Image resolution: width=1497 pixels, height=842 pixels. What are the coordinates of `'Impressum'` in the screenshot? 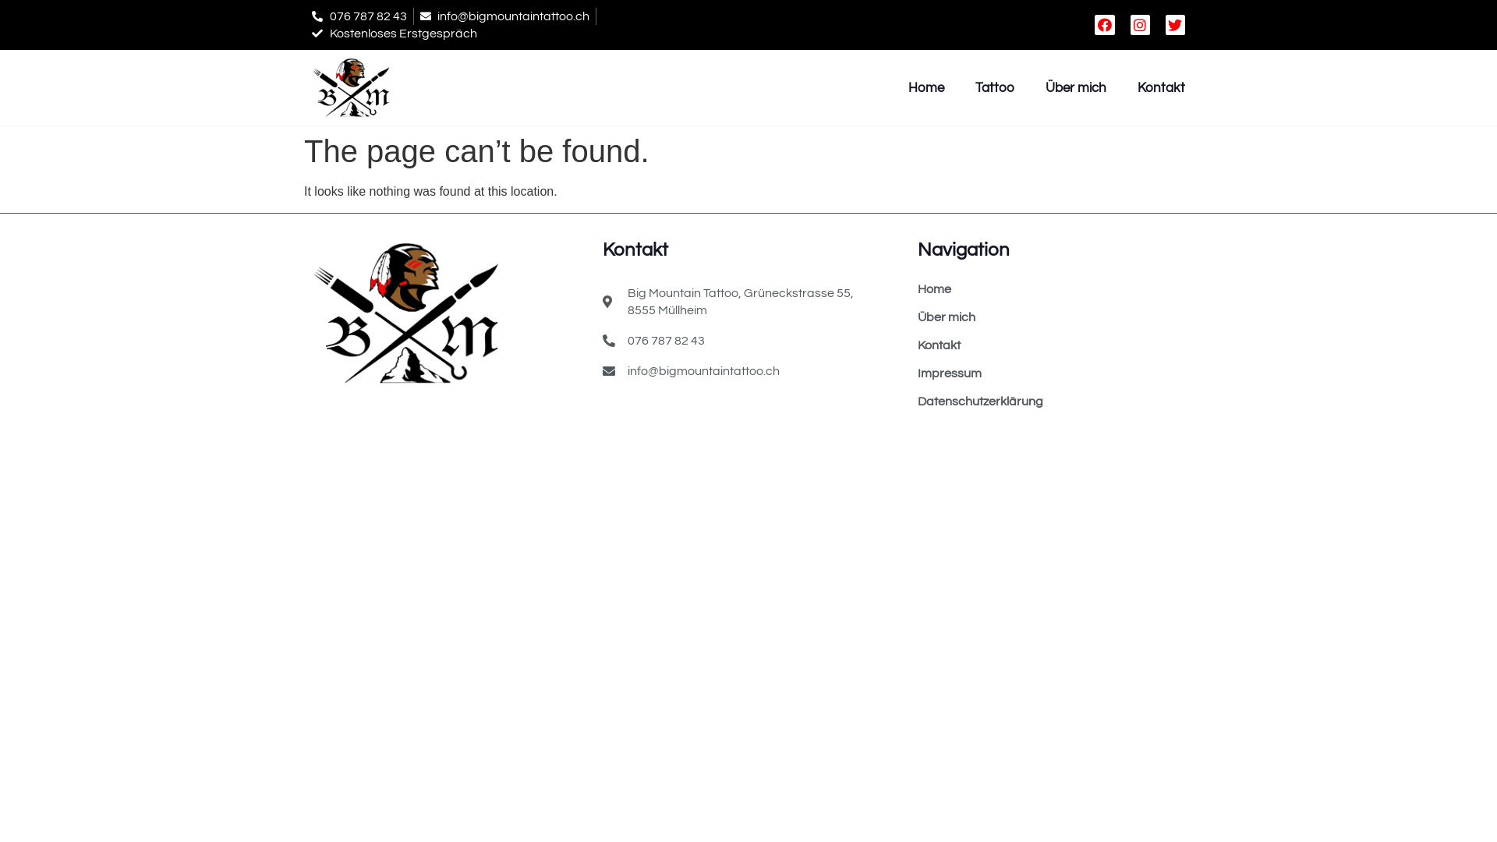 It's located at (917, 373).